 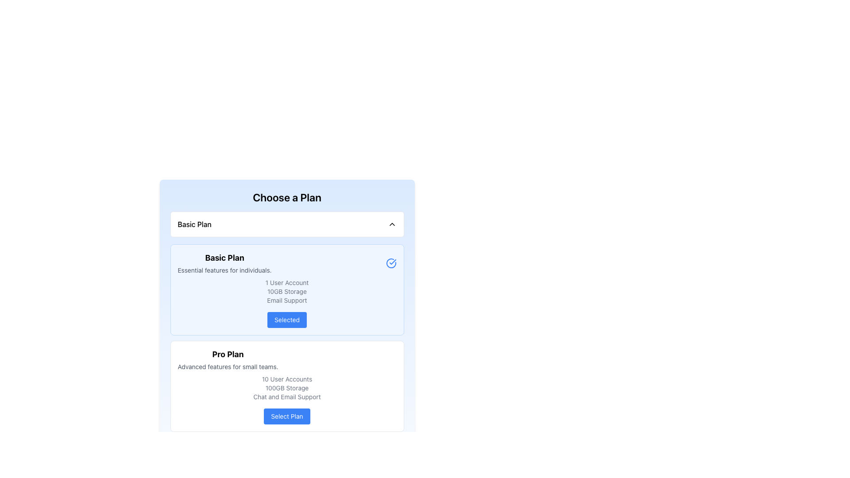 What do you see at coordinates (287, 224) in the screenshot?
I see `the Dropdown toggle labeled 'Basic Plan'` at bounding box center [287, 224].